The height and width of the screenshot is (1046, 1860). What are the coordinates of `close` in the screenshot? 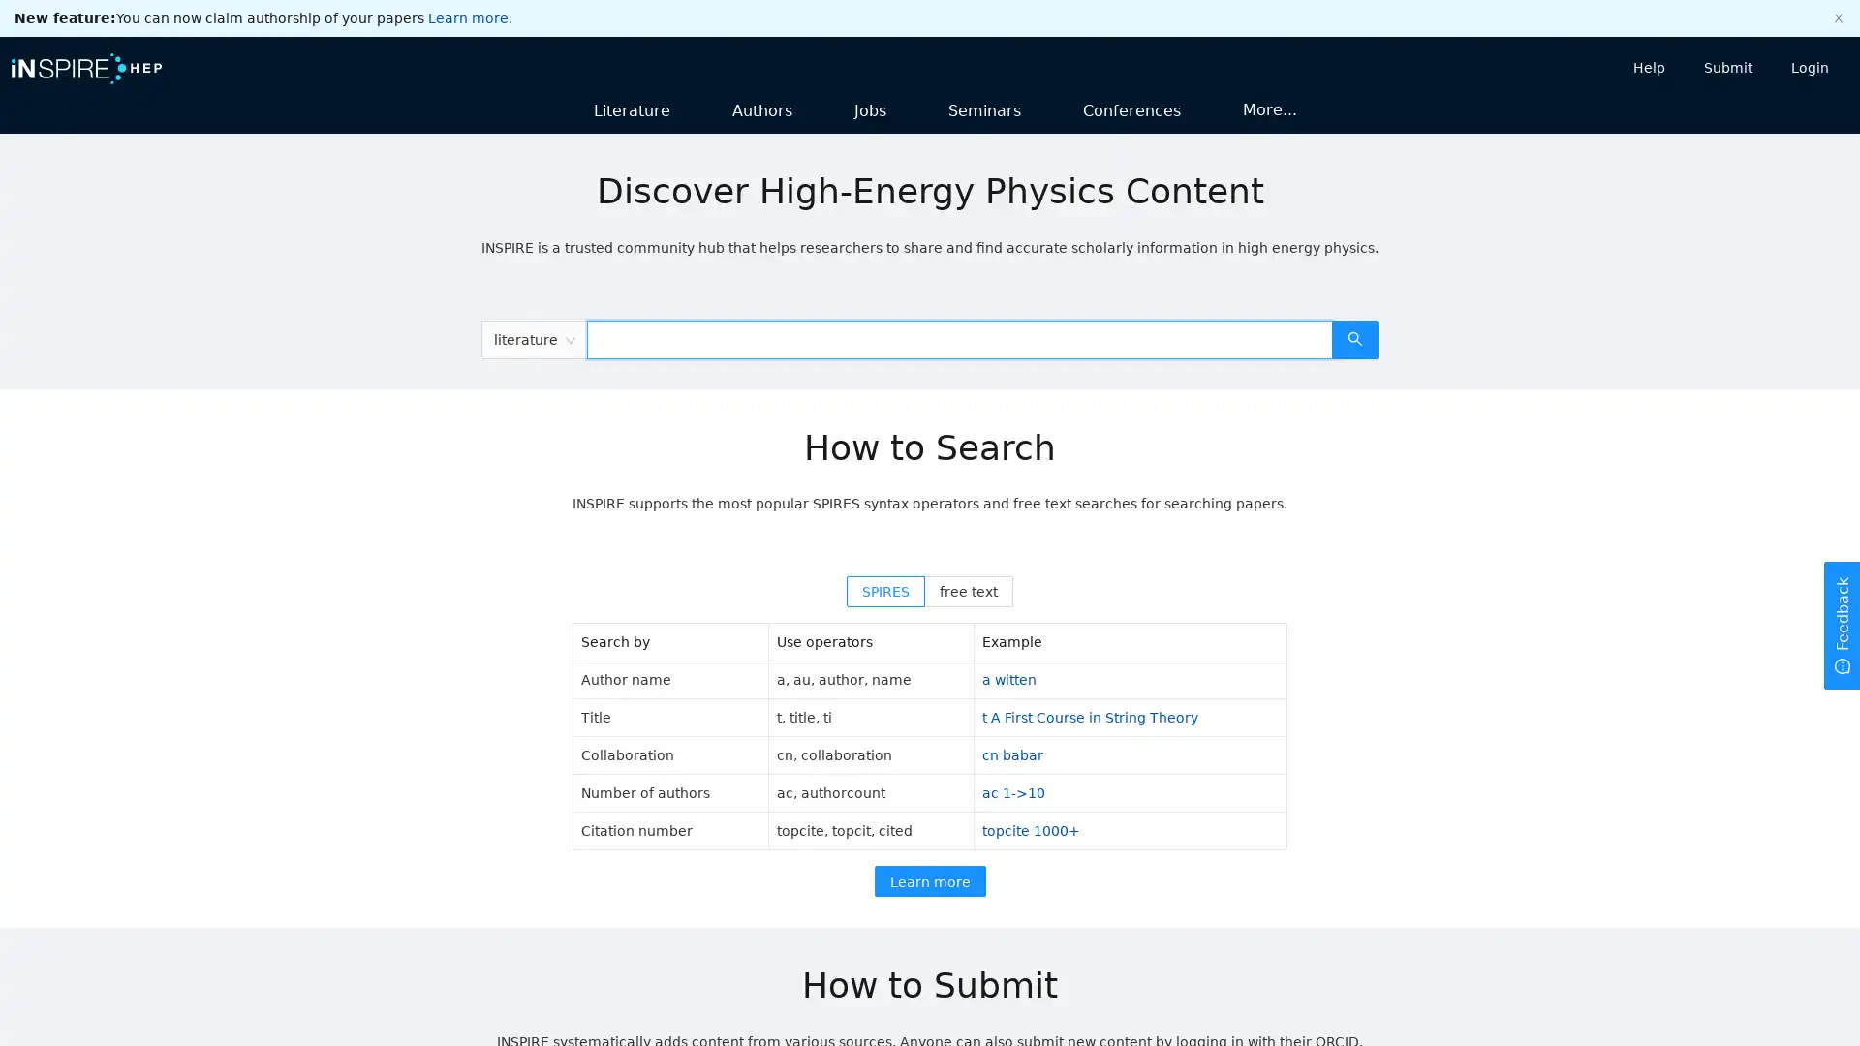 It's located at (1837, 18).